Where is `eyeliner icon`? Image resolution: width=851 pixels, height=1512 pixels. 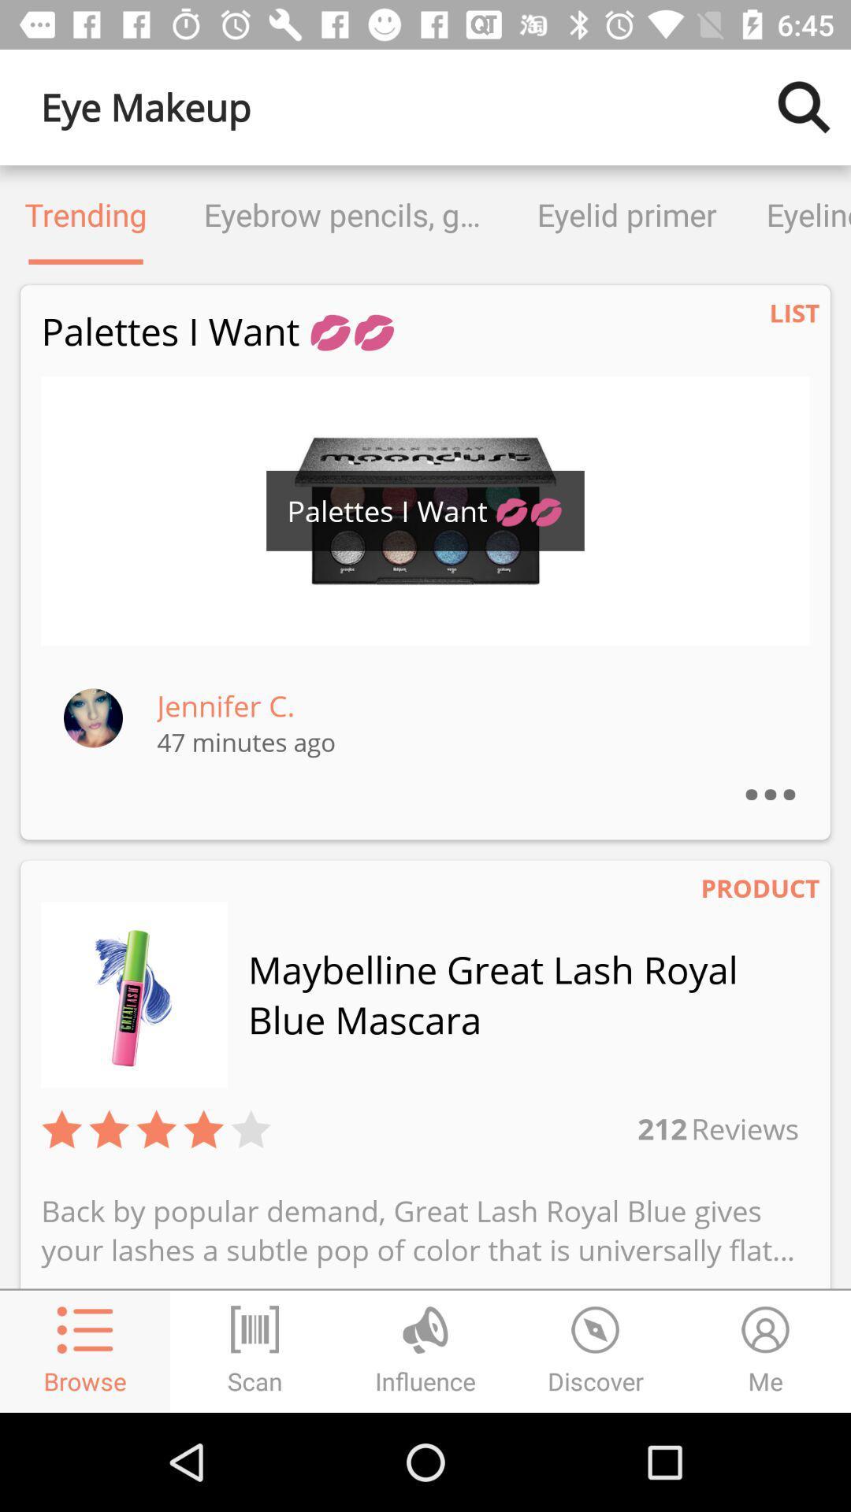 eyeliner icon is located at coordinates (796, 214).